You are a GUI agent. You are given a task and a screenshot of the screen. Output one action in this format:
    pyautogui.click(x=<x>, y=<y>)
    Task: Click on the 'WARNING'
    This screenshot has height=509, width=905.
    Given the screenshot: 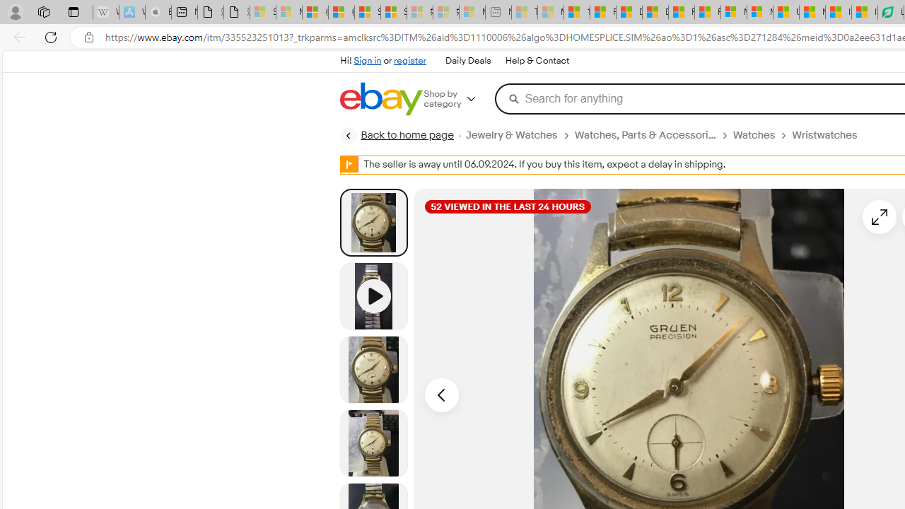 What is the action you would take?
    pyautogui.click(x=349, y=163)
    